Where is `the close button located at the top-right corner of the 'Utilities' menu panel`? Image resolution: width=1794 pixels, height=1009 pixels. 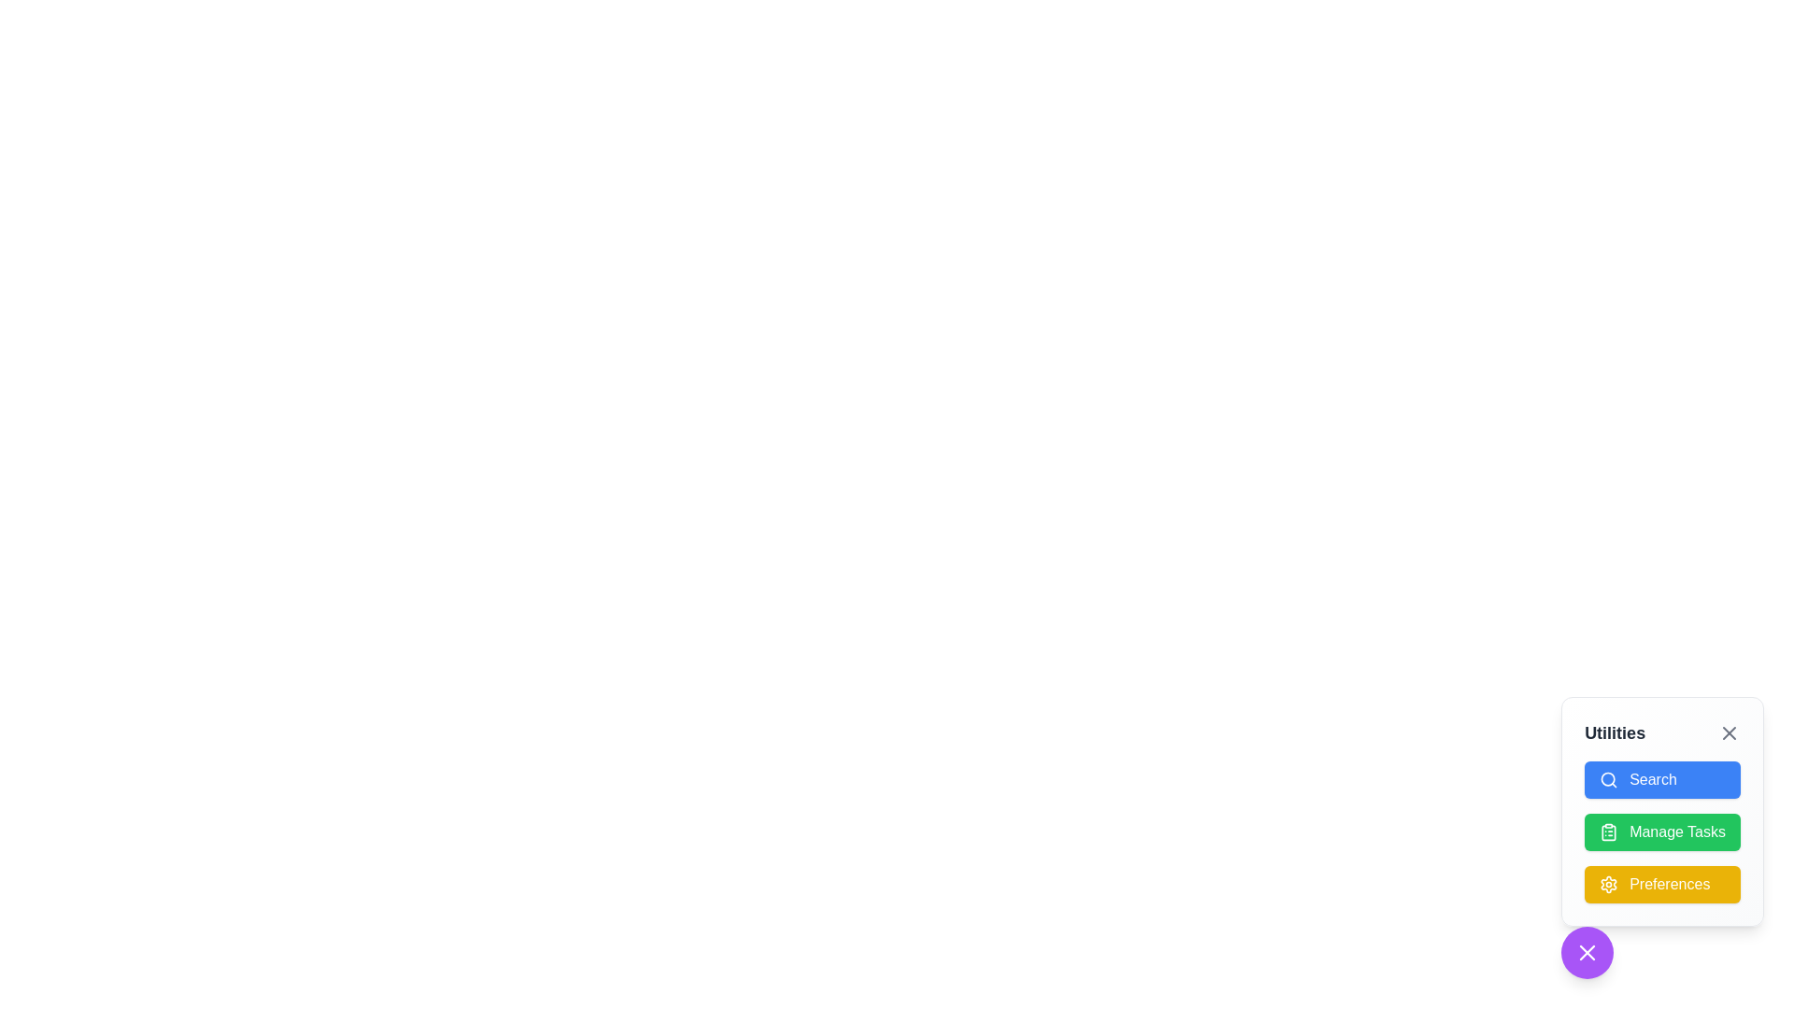 the close button located at the top-right corner of the 'Utilities' menu panel is located at coordinates (1729, 732).